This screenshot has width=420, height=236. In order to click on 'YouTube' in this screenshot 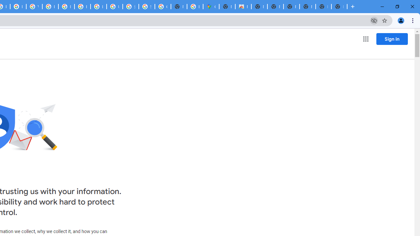, I will do `click(34, 7)`.